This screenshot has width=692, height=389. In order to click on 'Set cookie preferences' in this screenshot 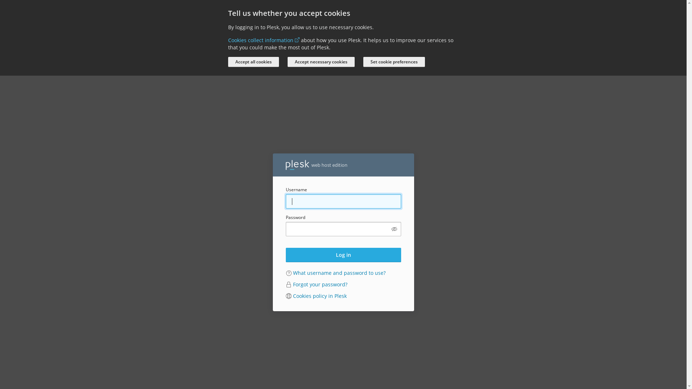, I will do `click(394, 62)`.